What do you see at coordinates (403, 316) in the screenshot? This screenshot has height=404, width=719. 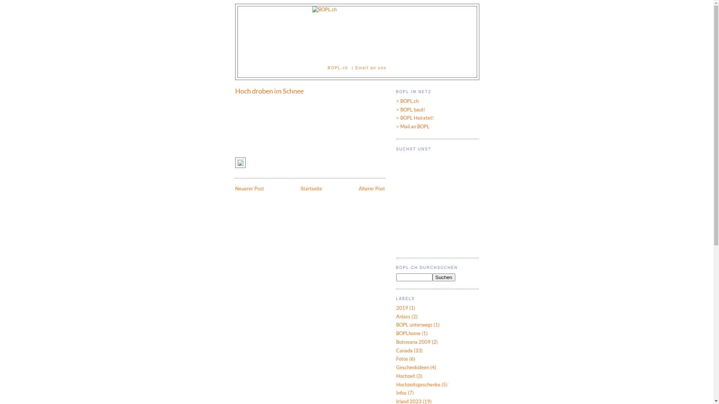 I see `'Anlass'` at bounding box center [403, 316].